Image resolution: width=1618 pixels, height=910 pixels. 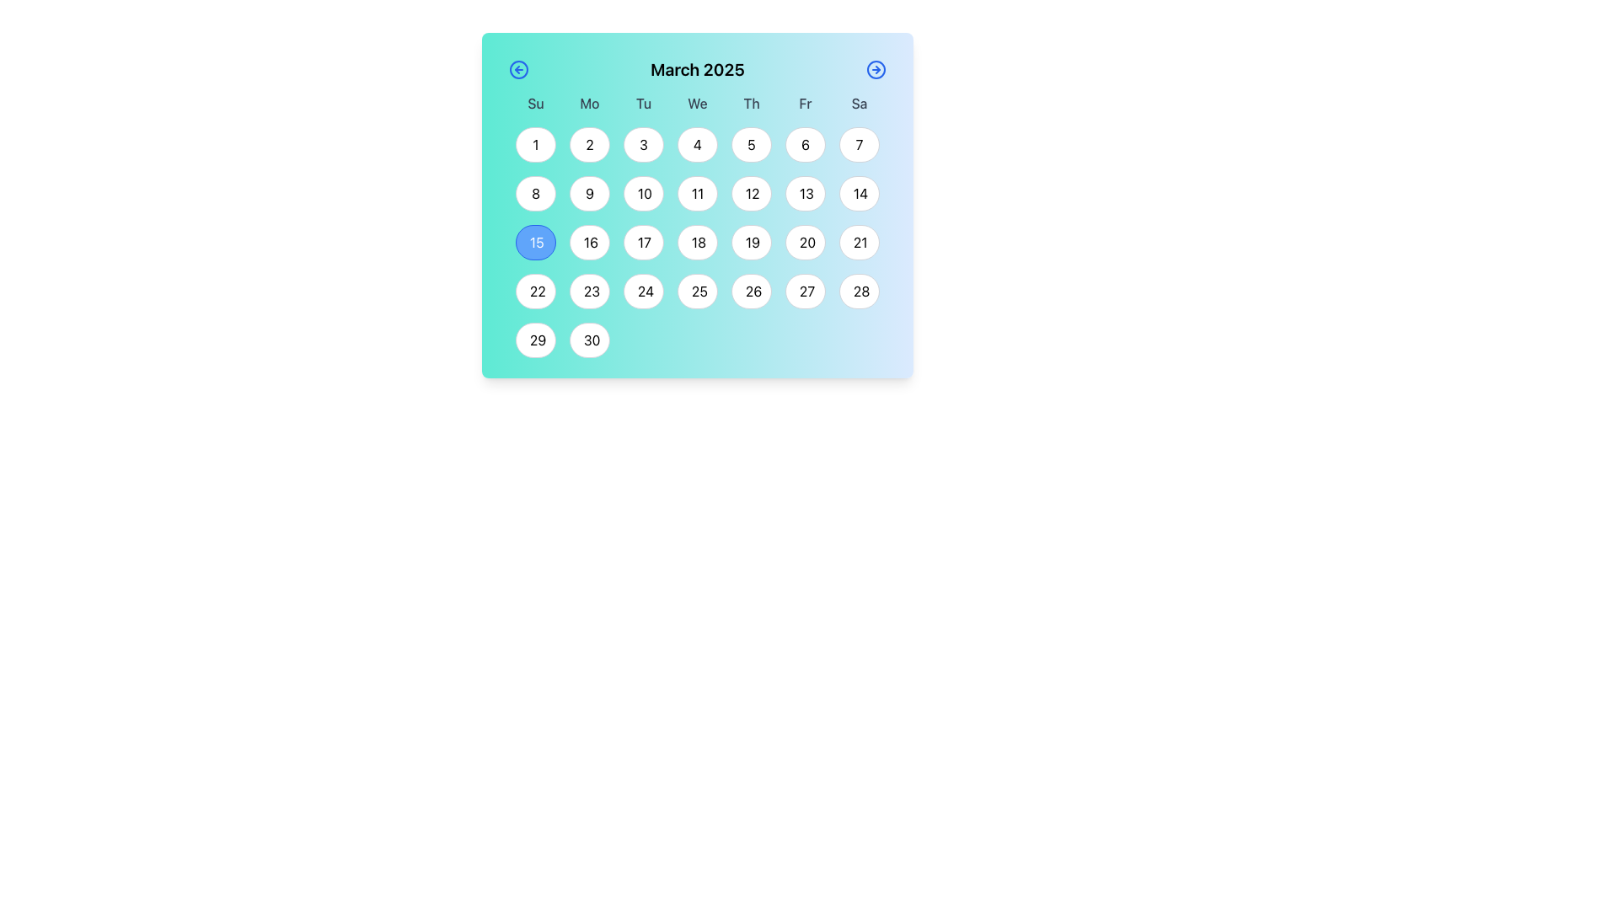 What do you see at coordinates (859, 291) in the screenshot?
I see `the circular button with a white background and the number '28' in black, located under the Saturday column in the last row of the calendar grid` at bounding box center [859, 291].